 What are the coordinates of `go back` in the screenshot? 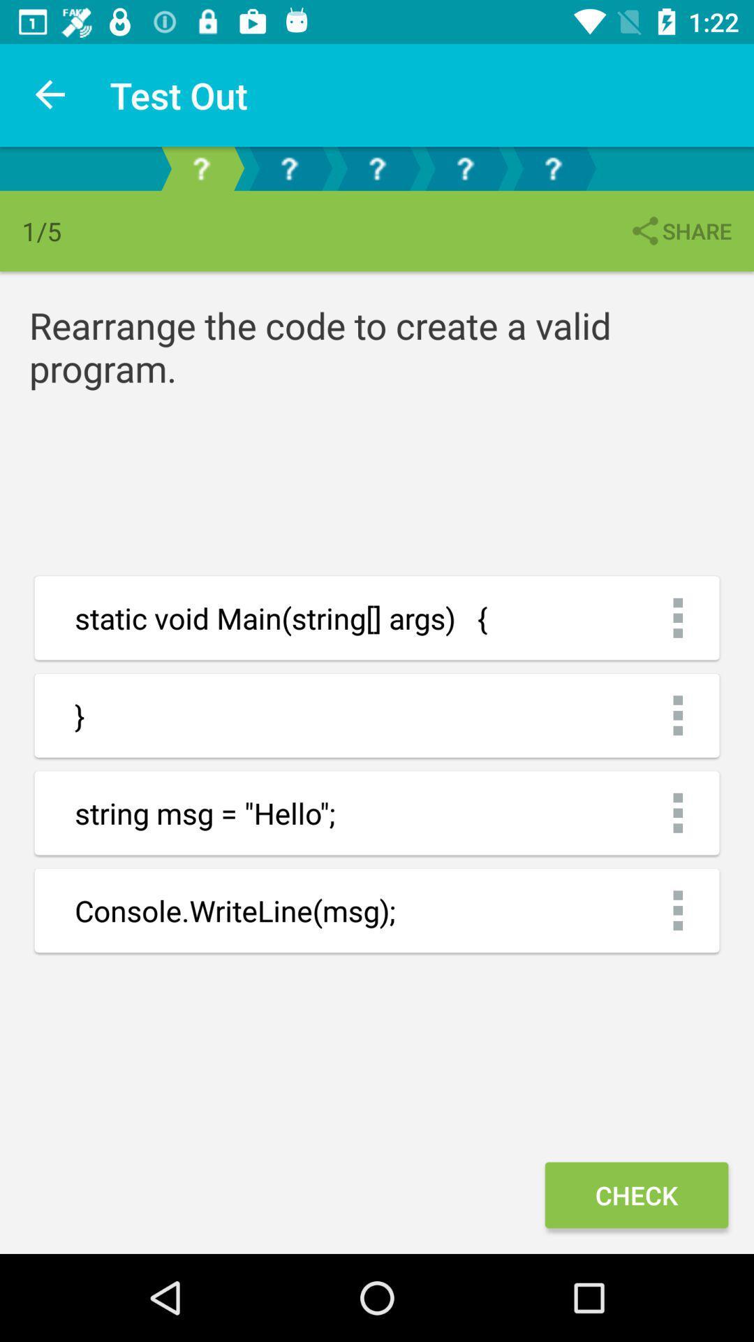 It's located at (552, 168).